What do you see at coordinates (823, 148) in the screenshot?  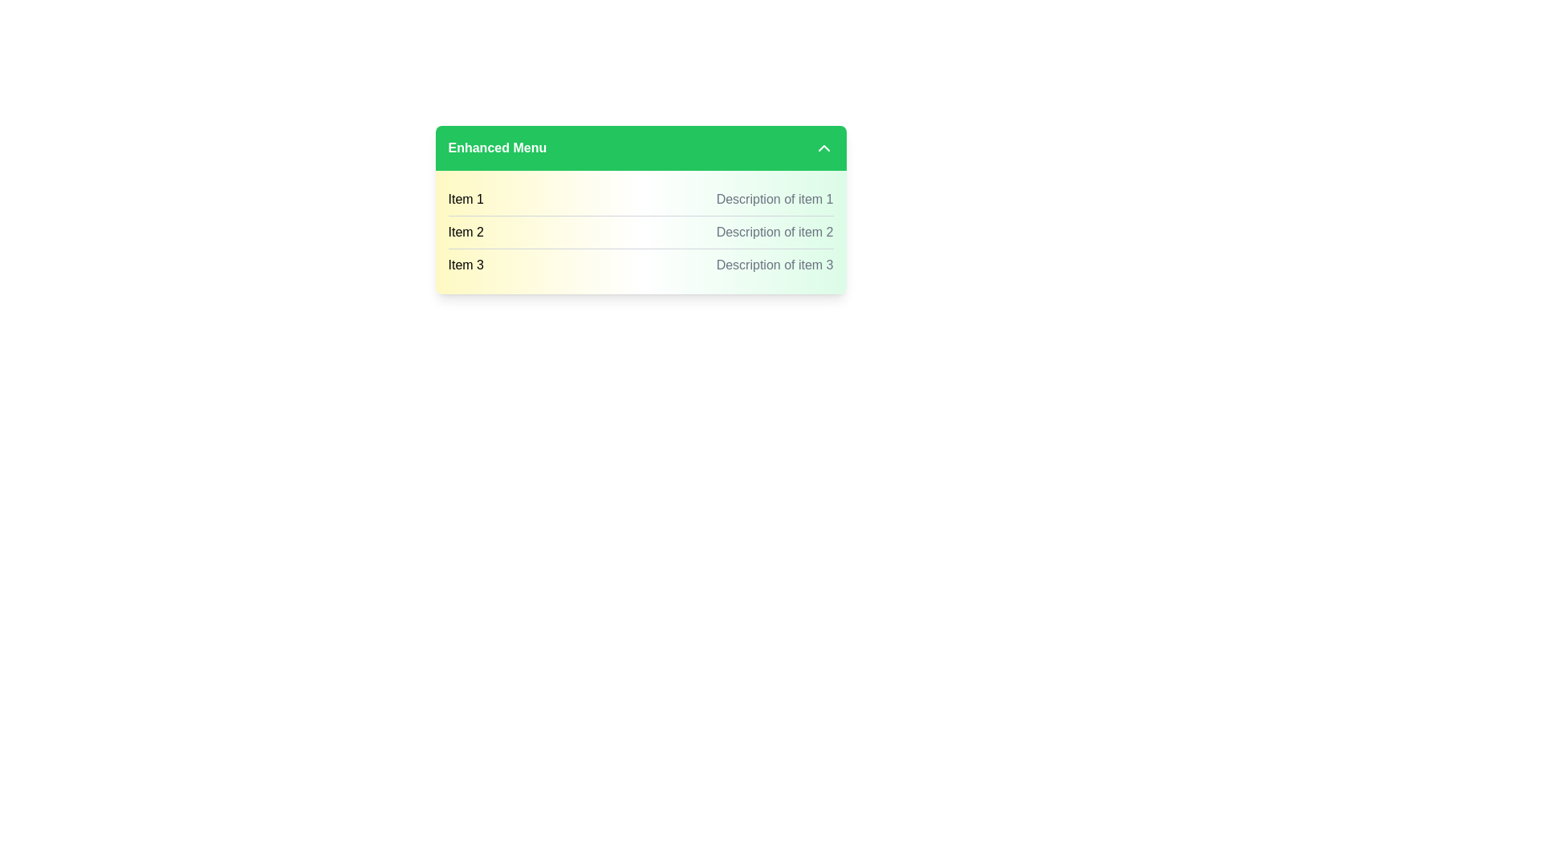 I see `the chevron icon pointing upwards located to the far right of the 'Enhanced Menu' header bar` at bounding box center [823, 148].